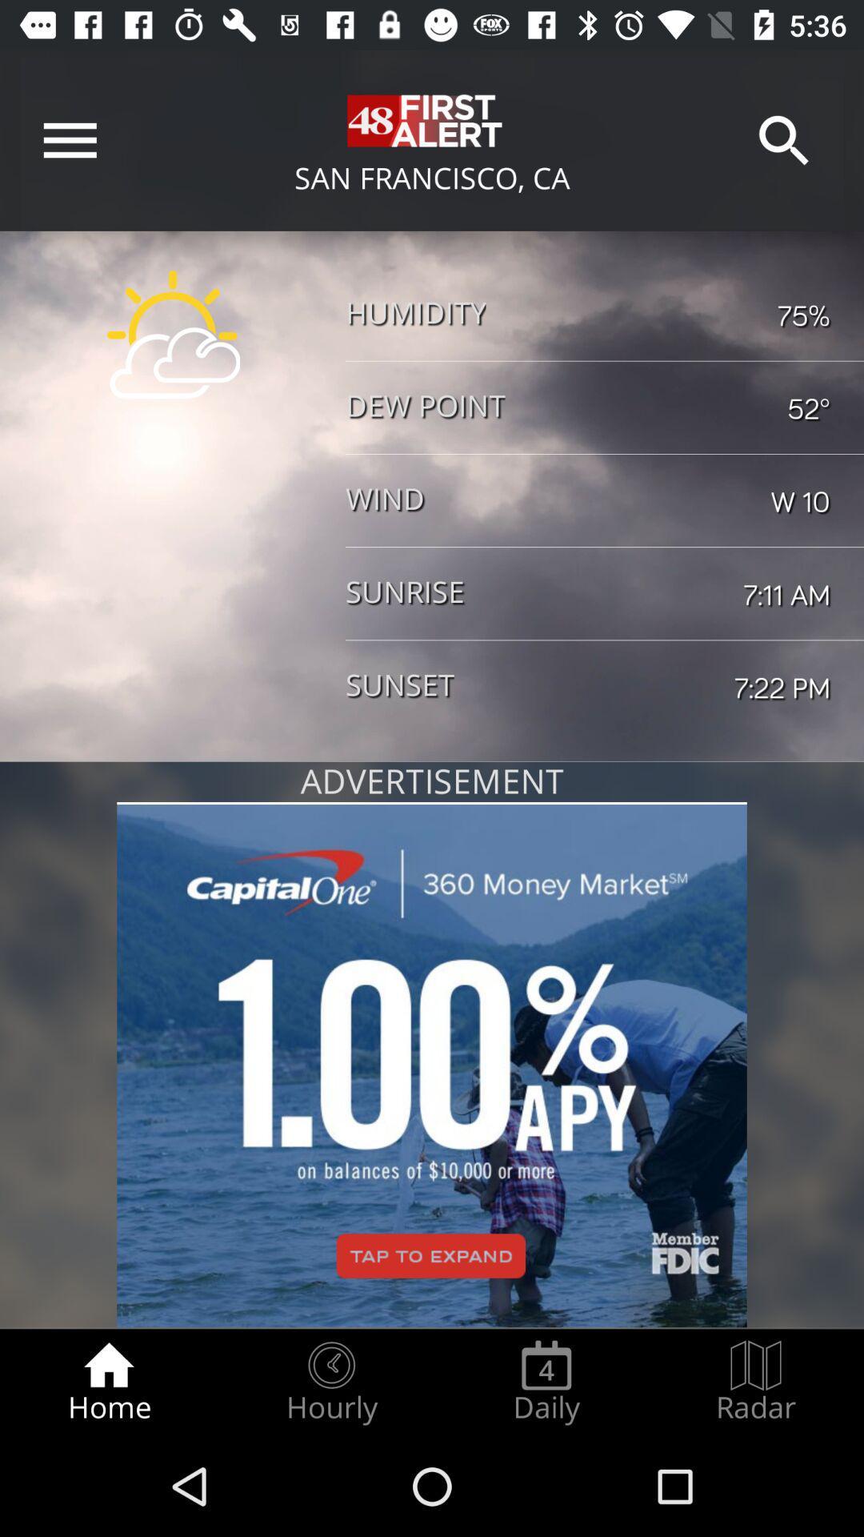 Image resolution: width=864 pixels, height=1537 pixels. What do you see at coordinates (546, 1382) in the screenshot?
I see `the item next to hourly icon` at bounding box center [546, 1382].